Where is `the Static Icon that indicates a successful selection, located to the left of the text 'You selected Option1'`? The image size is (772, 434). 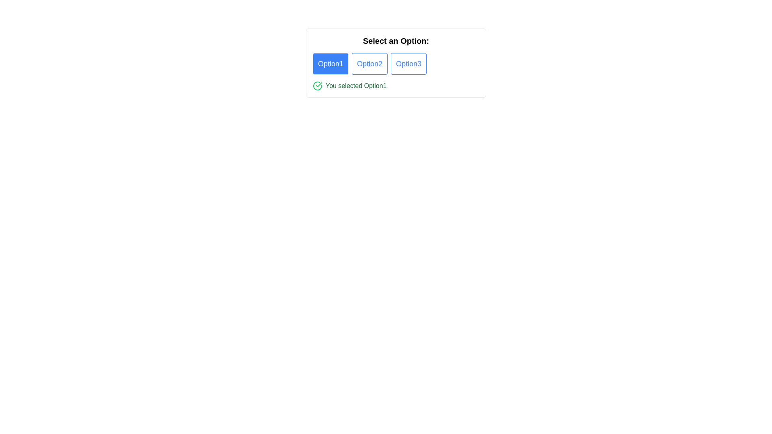
the Static Icon that indicates a successful selection, located to the left of the text 'You selected Option1' is located at coordinates (317, 86).